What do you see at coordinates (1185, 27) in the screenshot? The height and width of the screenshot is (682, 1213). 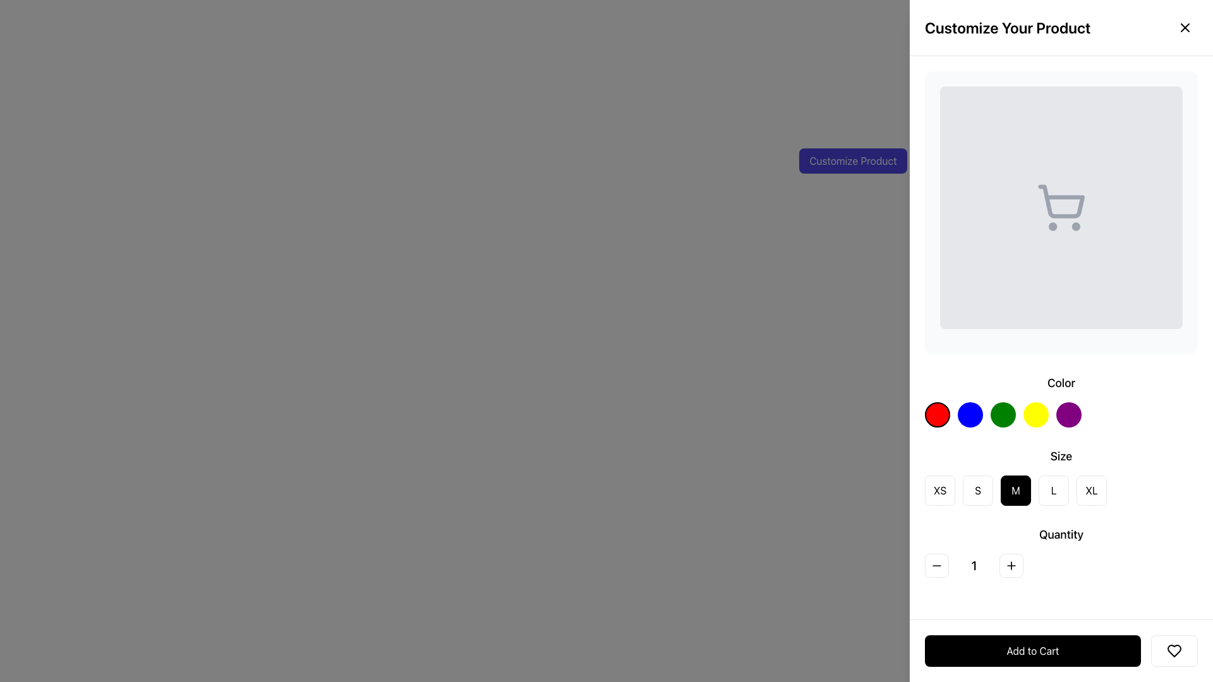 I see `the close button IconButton located in the top-right corner of the sidebar header` at bounding box center [1185, 27].